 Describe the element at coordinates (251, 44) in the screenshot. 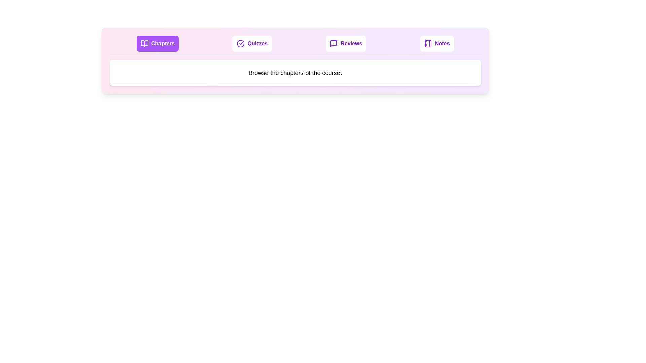

I see `the Quizzes tab` at that location.